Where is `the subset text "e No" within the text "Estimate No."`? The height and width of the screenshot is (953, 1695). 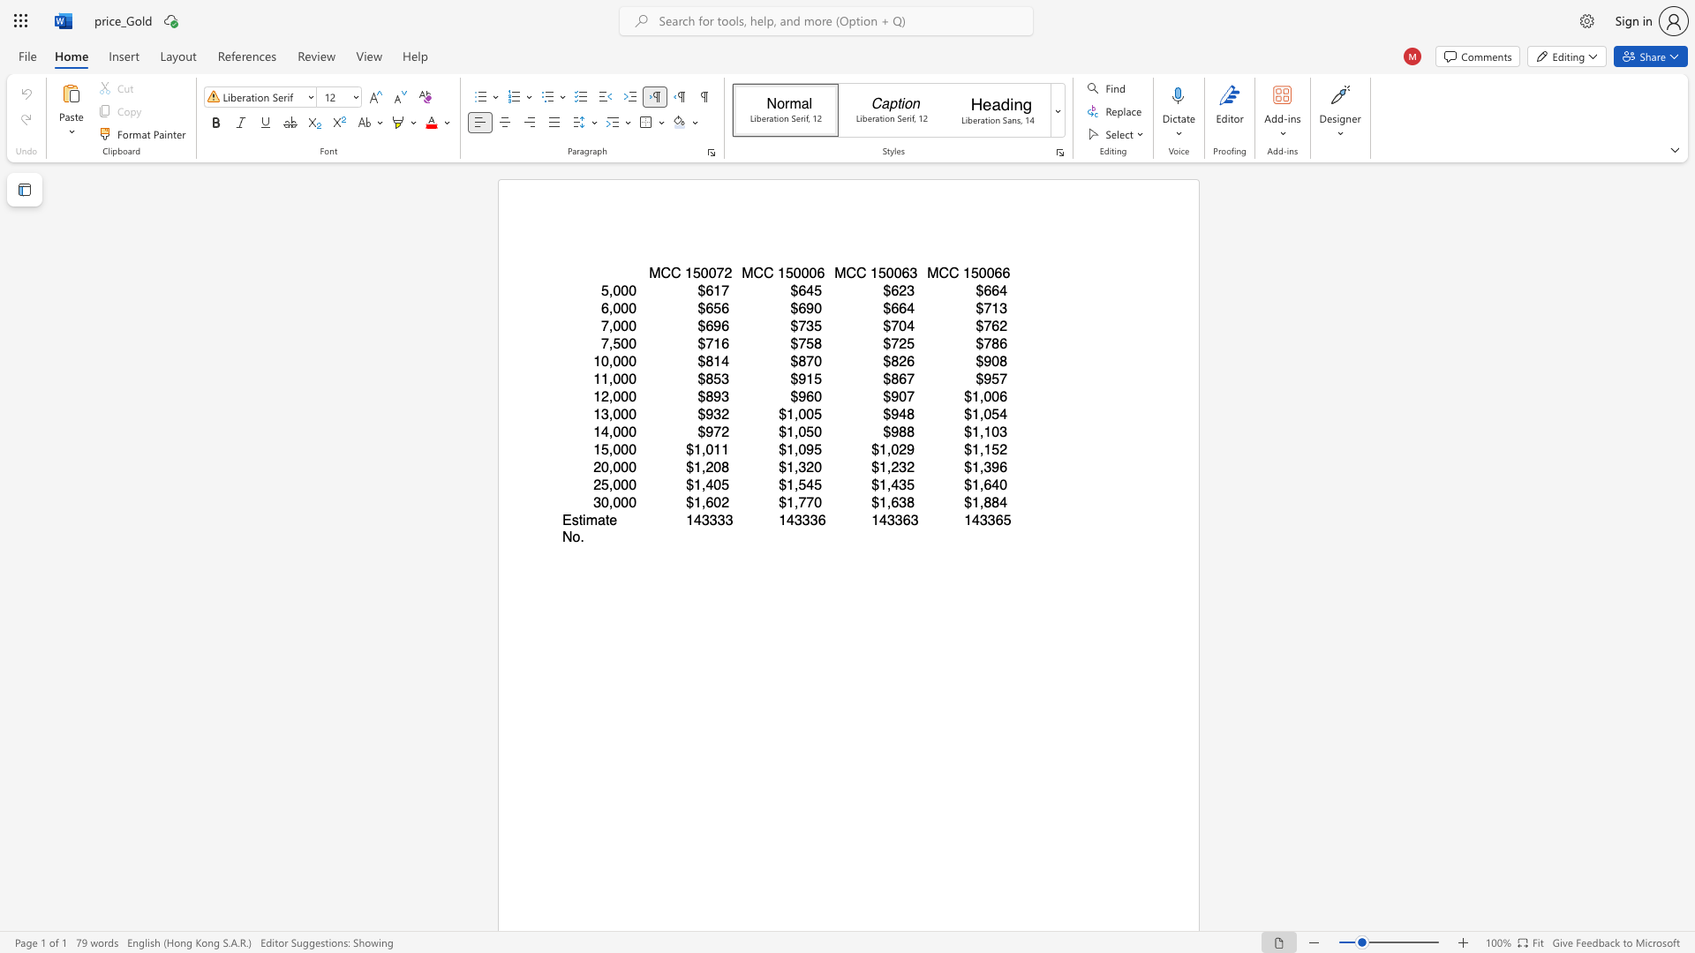
the subset text "e No" within the text "Estimate No." is located at coordinates (609, 519).